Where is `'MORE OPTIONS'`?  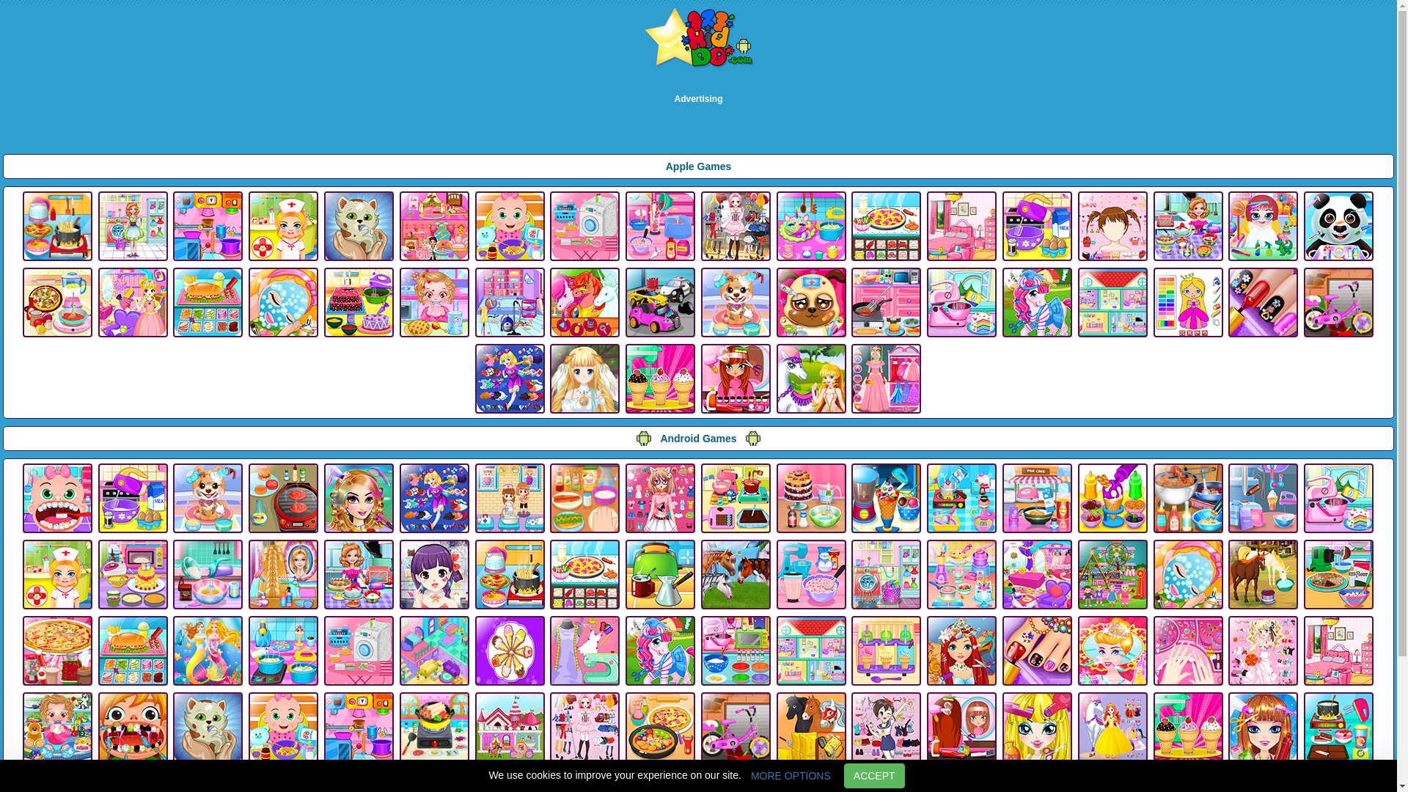
'MORE OPTIONS' is located at coordinates (741, 774).